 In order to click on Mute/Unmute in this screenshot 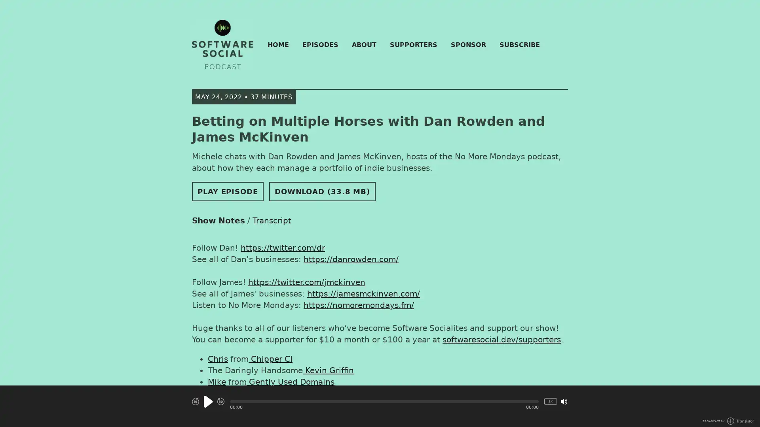, I will do `click(564, 401)`.